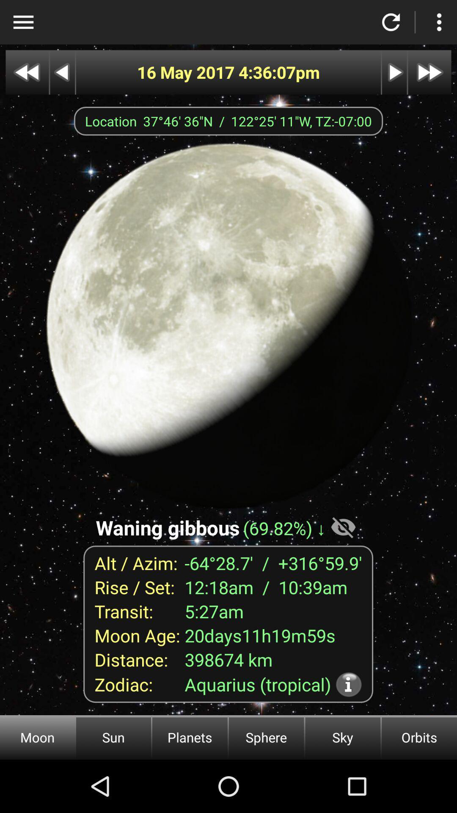 This screenshot has width=457, height=813. Describe the element at coordinates (343, 526) in the screenshot. I see `the visibility icon` at that location.